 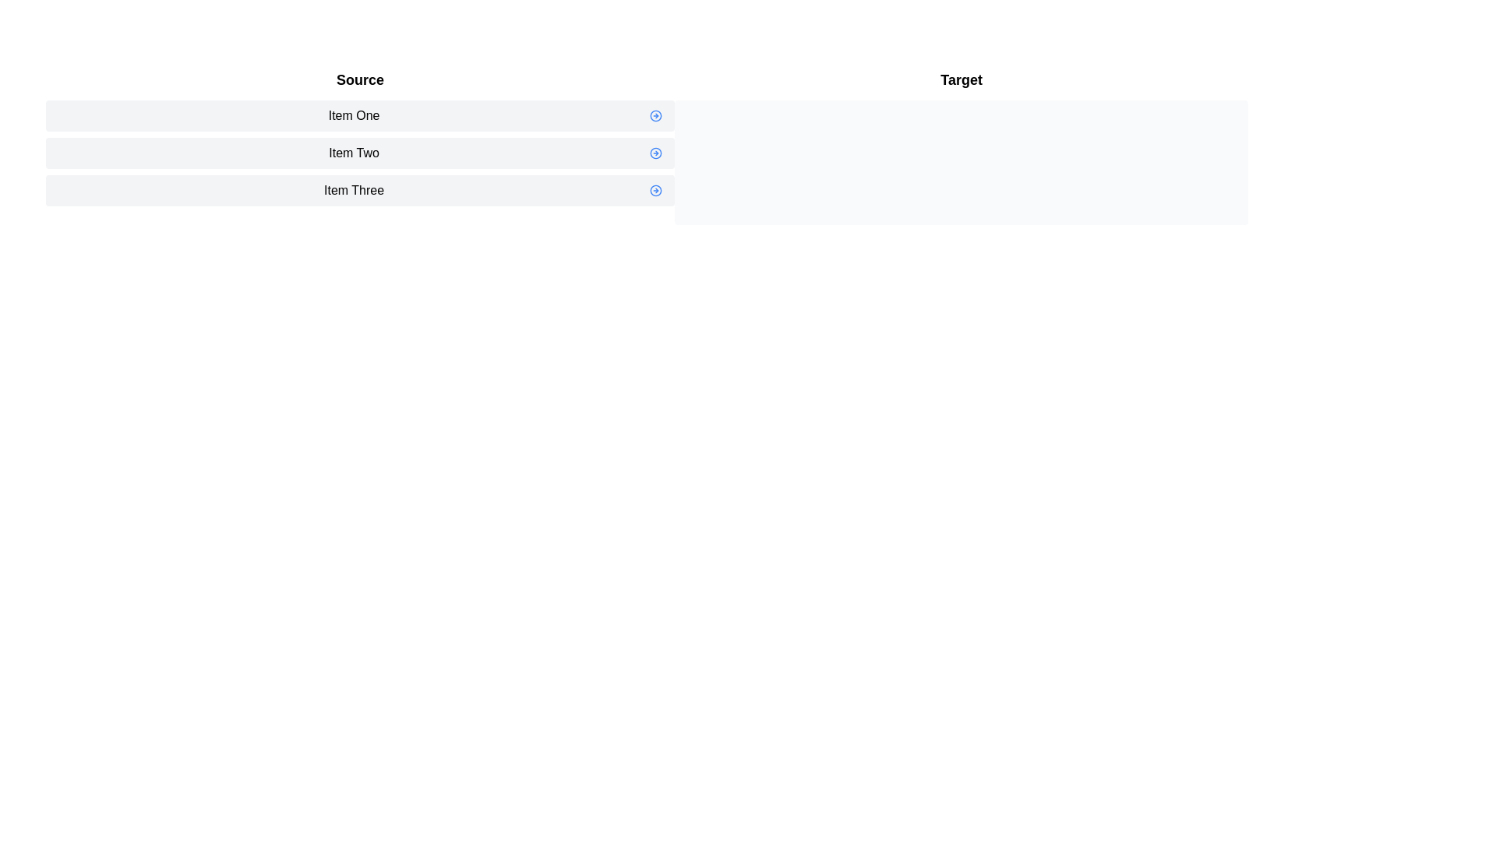 What do you see at coordinates (359, 137) in the screenshot?
I see `the middle item labeled 'Item Two' in the selectable list within the 'Source' section on the left side of the interface` at bounding box center [359, 137].